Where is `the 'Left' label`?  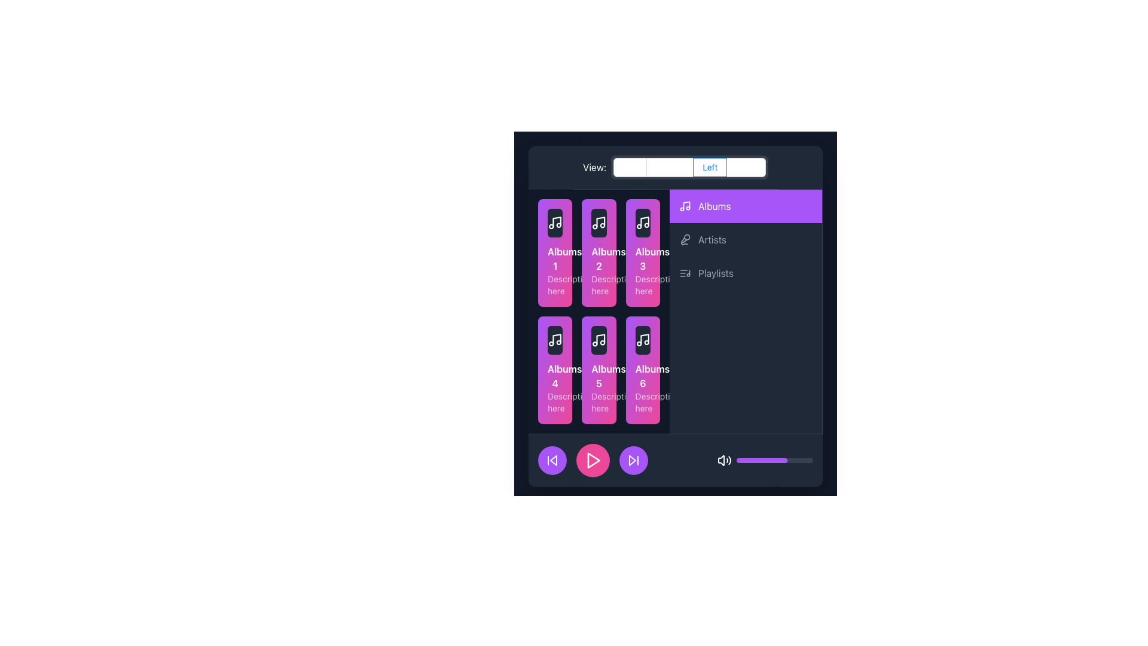 the 'Left' label is located at coordinates (710, 167).